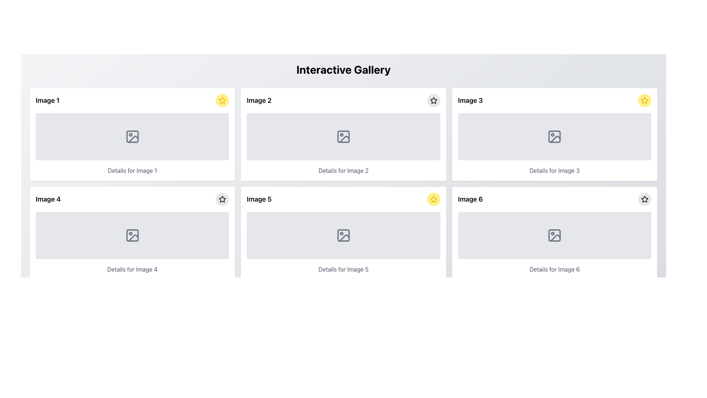 The width and height of the screenshot is (707, 398). What do you see at coordinates (555, 269) in the screenshot?
I see `the text label that says 'Details for Image 6', which is styled with gray color and located below the preview area of 'Image 6' in the interactive gallery` at bounding box center [555, 269].